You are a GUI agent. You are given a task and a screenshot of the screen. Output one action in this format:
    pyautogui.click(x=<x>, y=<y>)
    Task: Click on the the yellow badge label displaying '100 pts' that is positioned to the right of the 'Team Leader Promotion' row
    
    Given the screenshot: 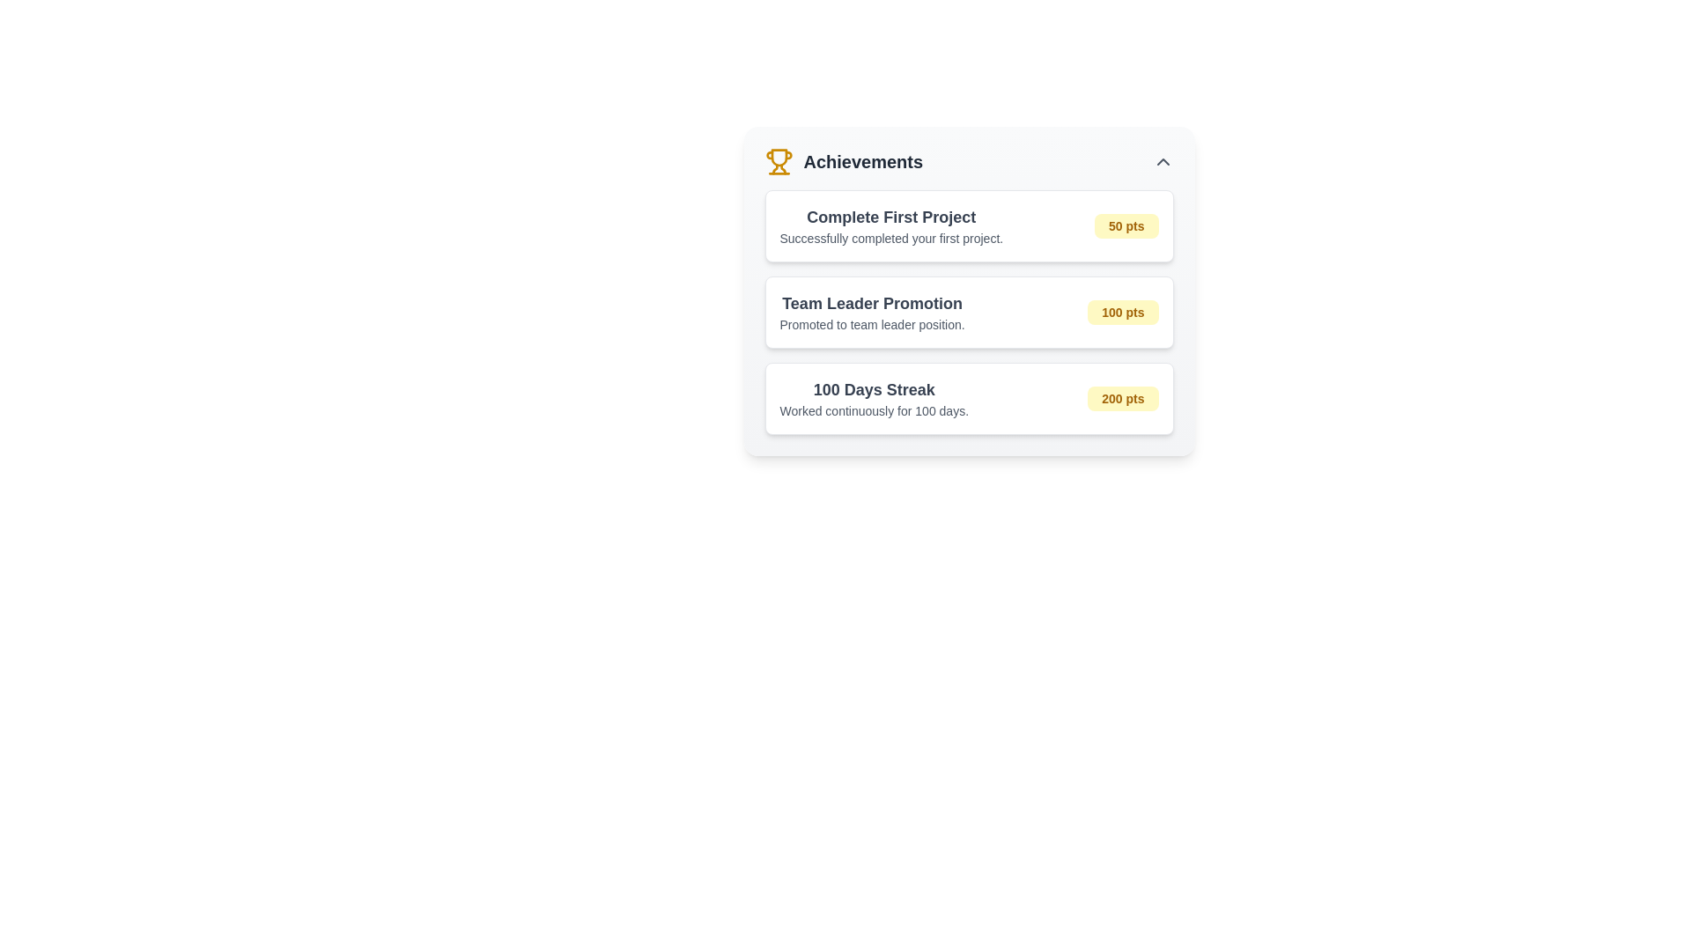 What is the action you would take?
    pyautogui.click(x=1122, y=311)
    